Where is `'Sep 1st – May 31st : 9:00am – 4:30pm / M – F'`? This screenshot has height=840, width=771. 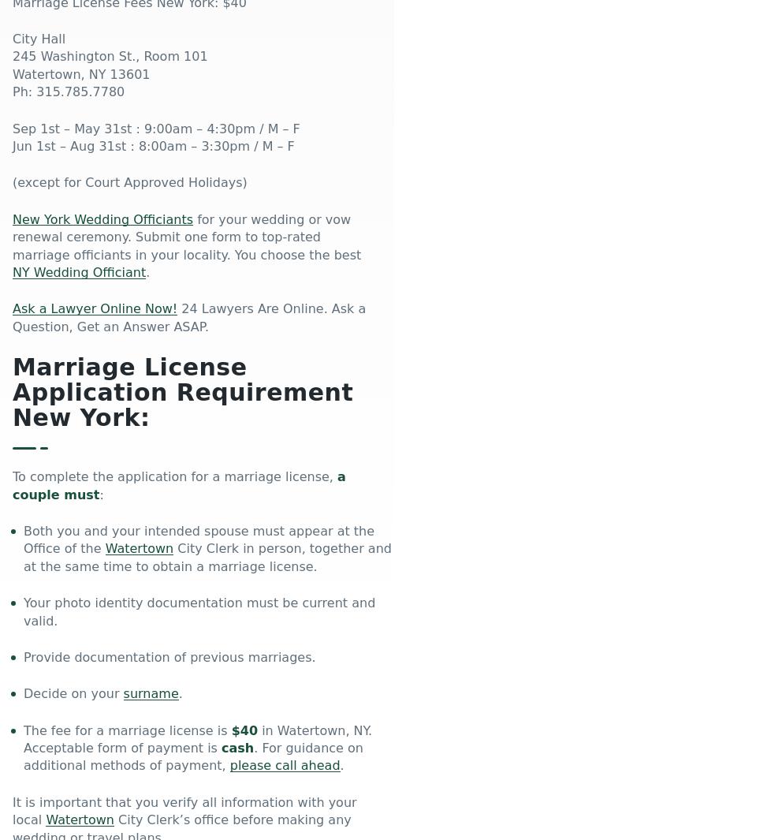
'Sep 1st – May 31st : 9:00am – 4:30pm / M – F' is located at coordinates (156, 127).